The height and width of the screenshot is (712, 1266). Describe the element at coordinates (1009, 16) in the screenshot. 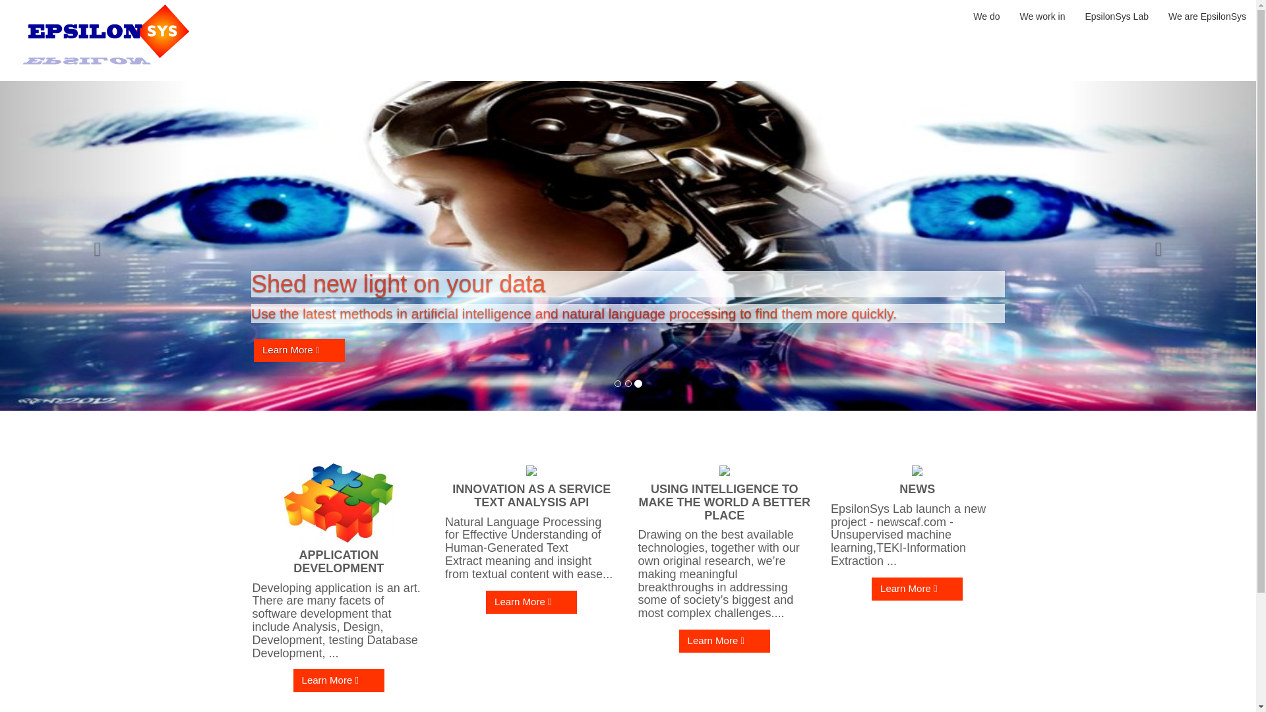

I see `'We work in'` at that location.